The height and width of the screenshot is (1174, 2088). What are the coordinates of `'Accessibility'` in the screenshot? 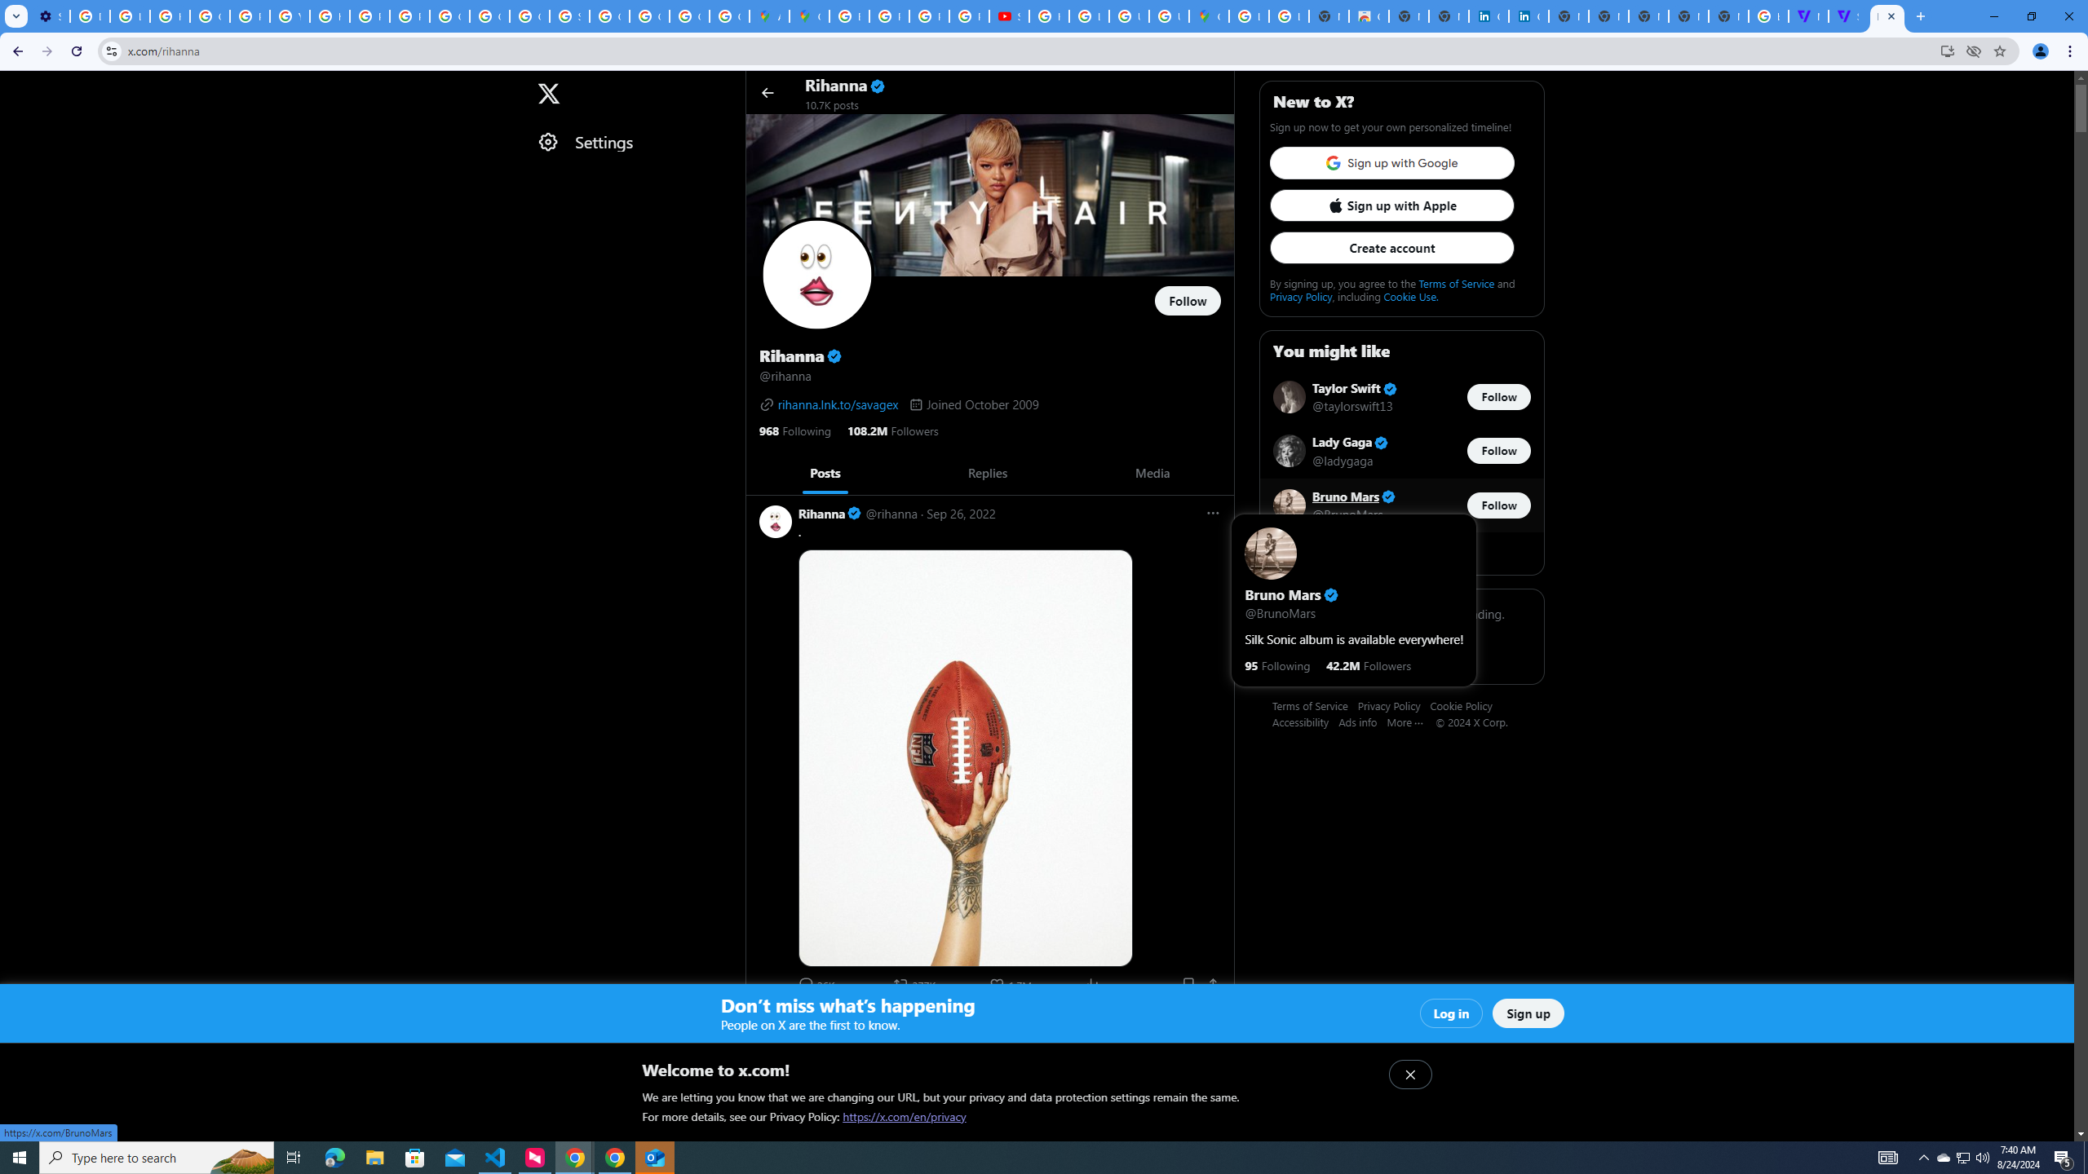 It's located at (1304, 721).